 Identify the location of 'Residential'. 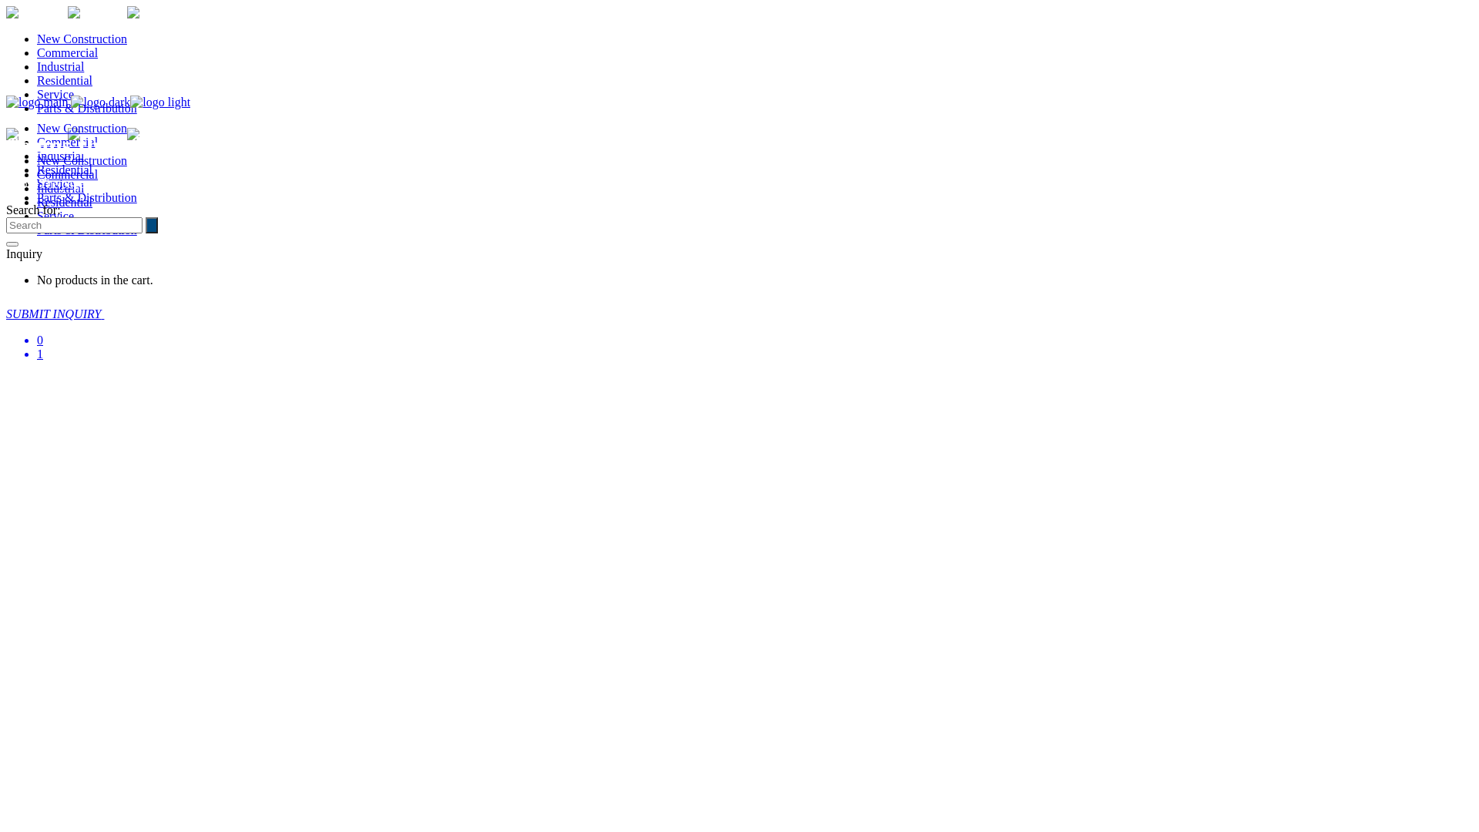
(37, 201).